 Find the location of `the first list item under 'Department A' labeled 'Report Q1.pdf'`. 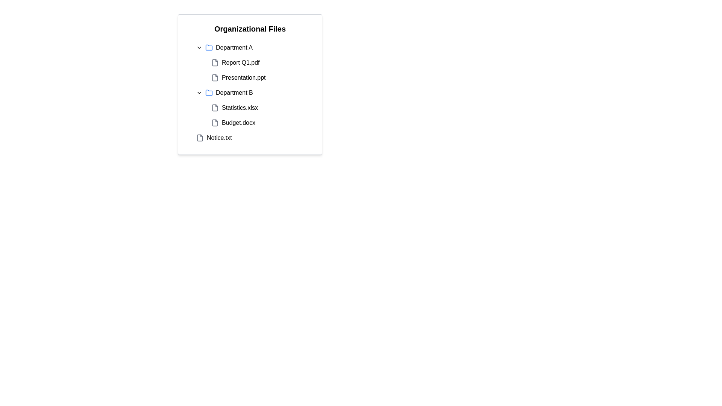

the first list item under 'Department A' labeled 'Report Q1.pdf' is located at coordinates (235, 62).